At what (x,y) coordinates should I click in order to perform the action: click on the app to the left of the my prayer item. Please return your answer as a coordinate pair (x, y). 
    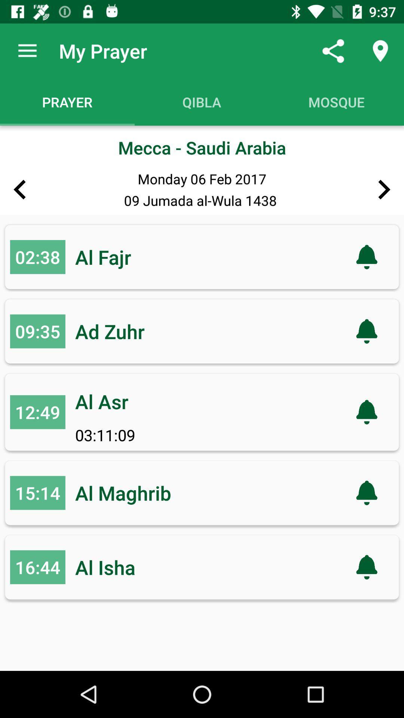
    Looking at the image, I should click on (27, 50).